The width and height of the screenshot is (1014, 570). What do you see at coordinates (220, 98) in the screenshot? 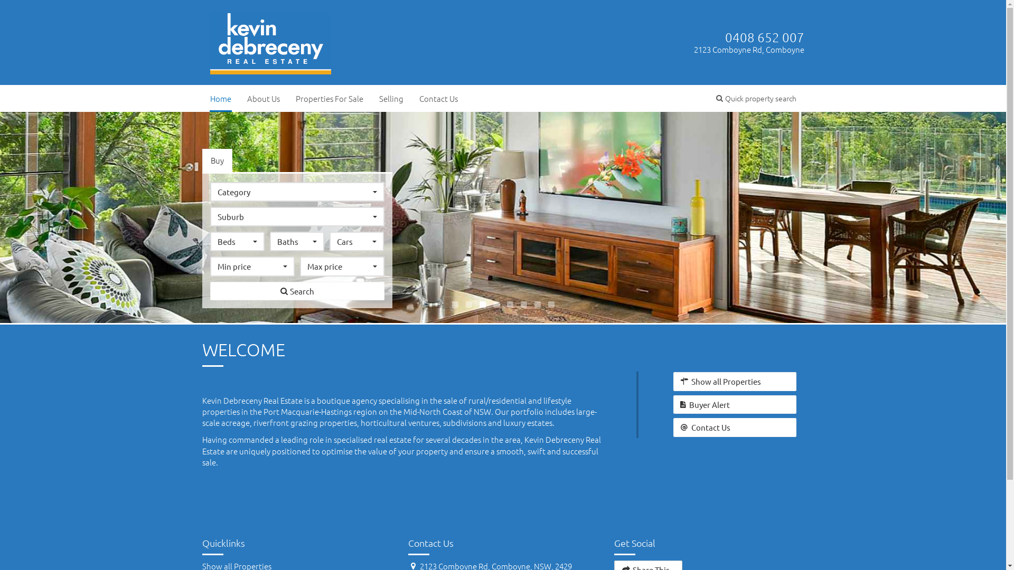
I see `'Home'` at bounding box center [220, 98].